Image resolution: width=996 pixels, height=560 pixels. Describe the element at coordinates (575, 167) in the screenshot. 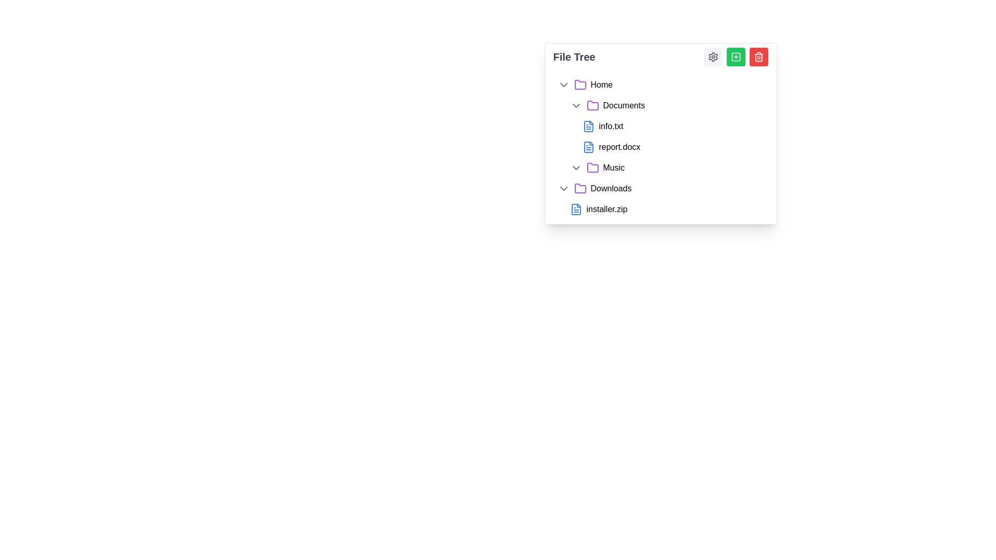

I see `the arrow-down icon` at that location.